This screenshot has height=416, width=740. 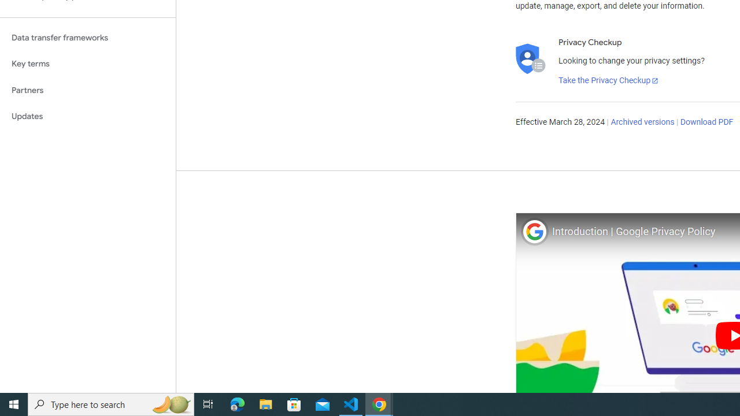 I want to click on 'Photo image of Google', so click(x=534, y=231).